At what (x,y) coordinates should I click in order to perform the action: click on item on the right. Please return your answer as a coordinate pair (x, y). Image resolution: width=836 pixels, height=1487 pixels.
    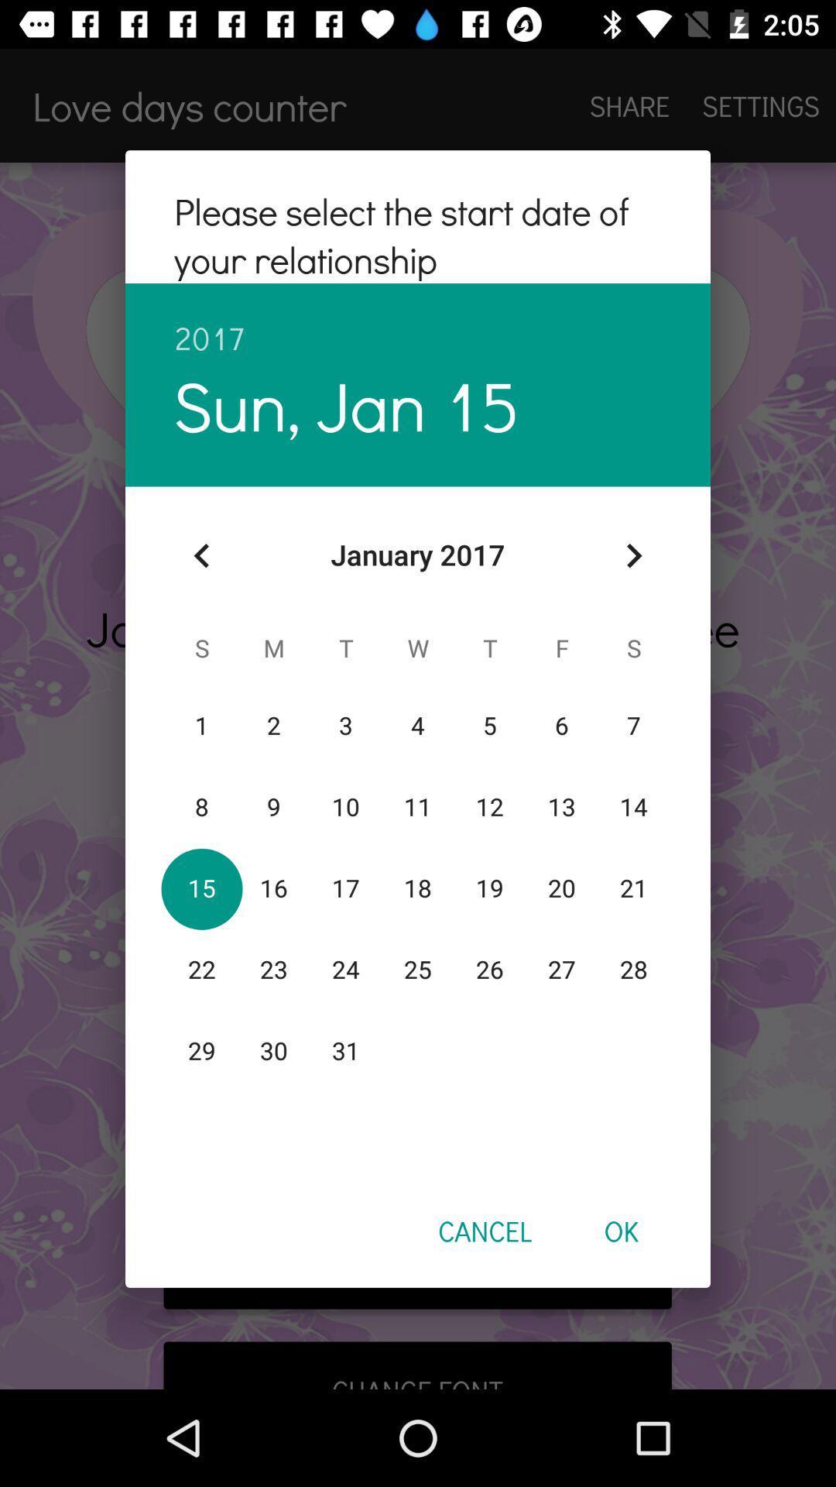
    Looking at the image, I should click on (633, 555).